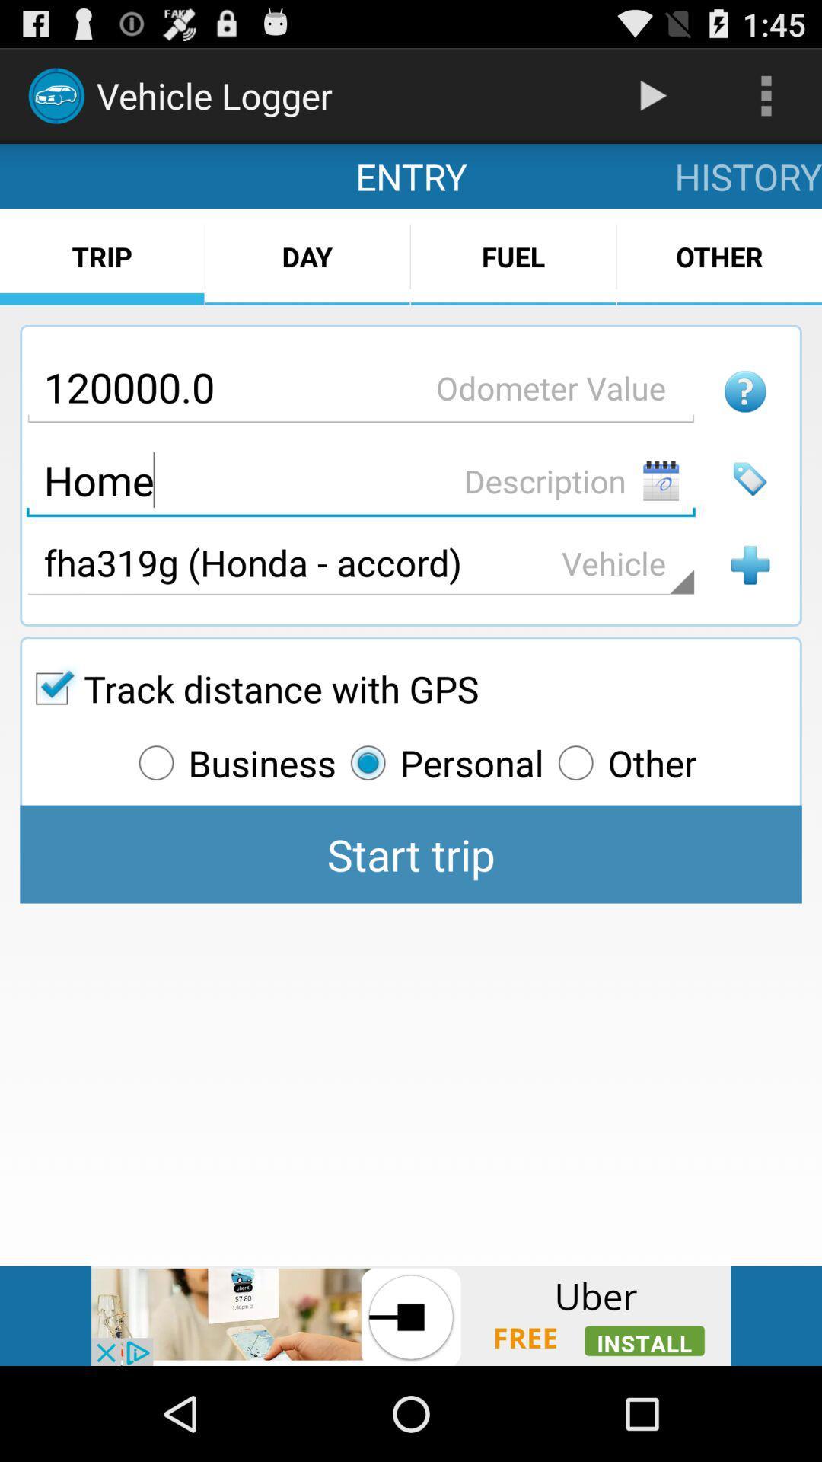  What do you see at coordinates (749, 604) in the screenshot?
I see `the add icon` at bounding box center [749, 604].